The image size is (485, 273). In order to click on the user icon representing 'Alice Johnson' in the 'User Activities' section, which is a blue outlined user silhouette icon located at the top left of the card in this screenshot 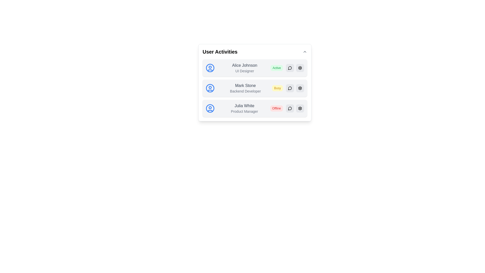, I will do `click(210, 68)`.